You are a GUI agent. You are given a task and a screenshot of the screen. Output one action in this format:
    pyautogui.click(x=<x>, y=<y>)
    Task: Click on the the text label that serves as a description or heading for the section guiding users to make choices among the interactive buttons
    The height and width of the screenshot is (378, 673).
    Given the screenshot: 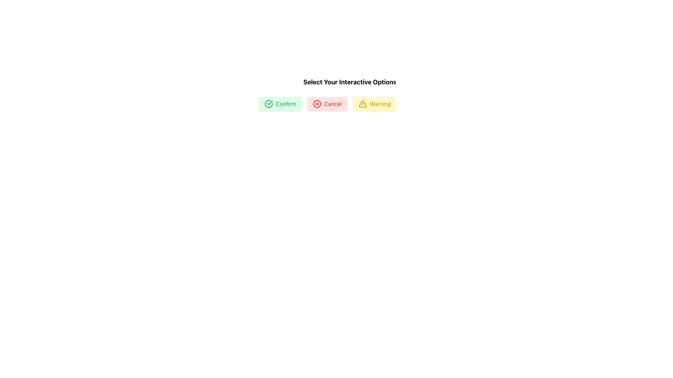 What is the action you would take?
    pyautogui.click(x=351, y=82)
    